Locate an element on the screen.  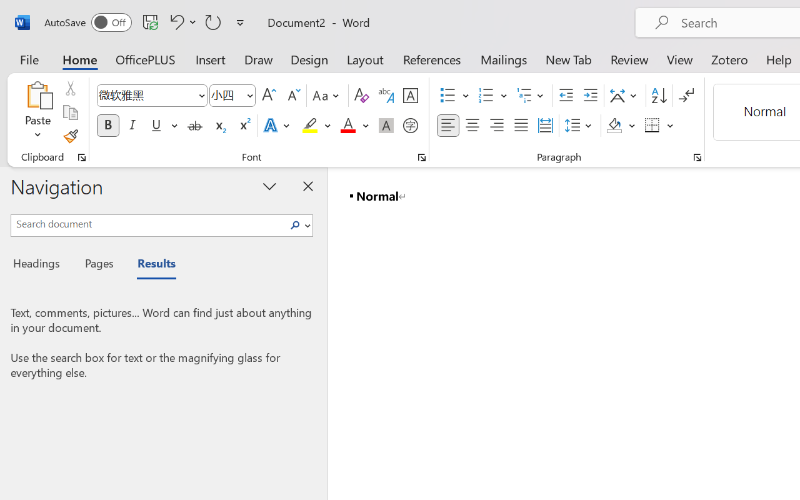
'Office Clipboard...' is located at coordinates (81, 157).